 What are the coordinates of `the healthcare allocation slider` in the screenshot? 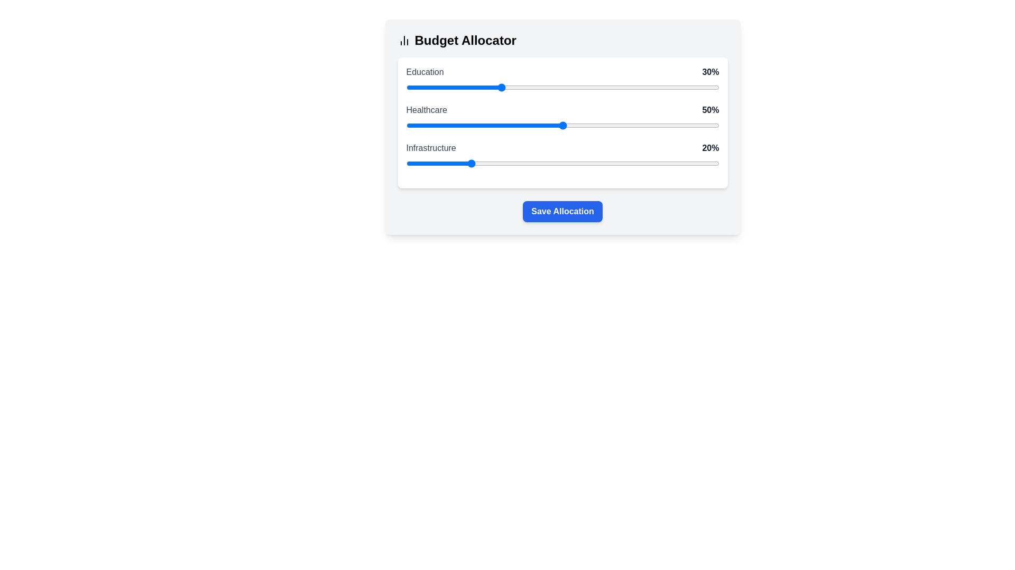 It's located at (412, 125).